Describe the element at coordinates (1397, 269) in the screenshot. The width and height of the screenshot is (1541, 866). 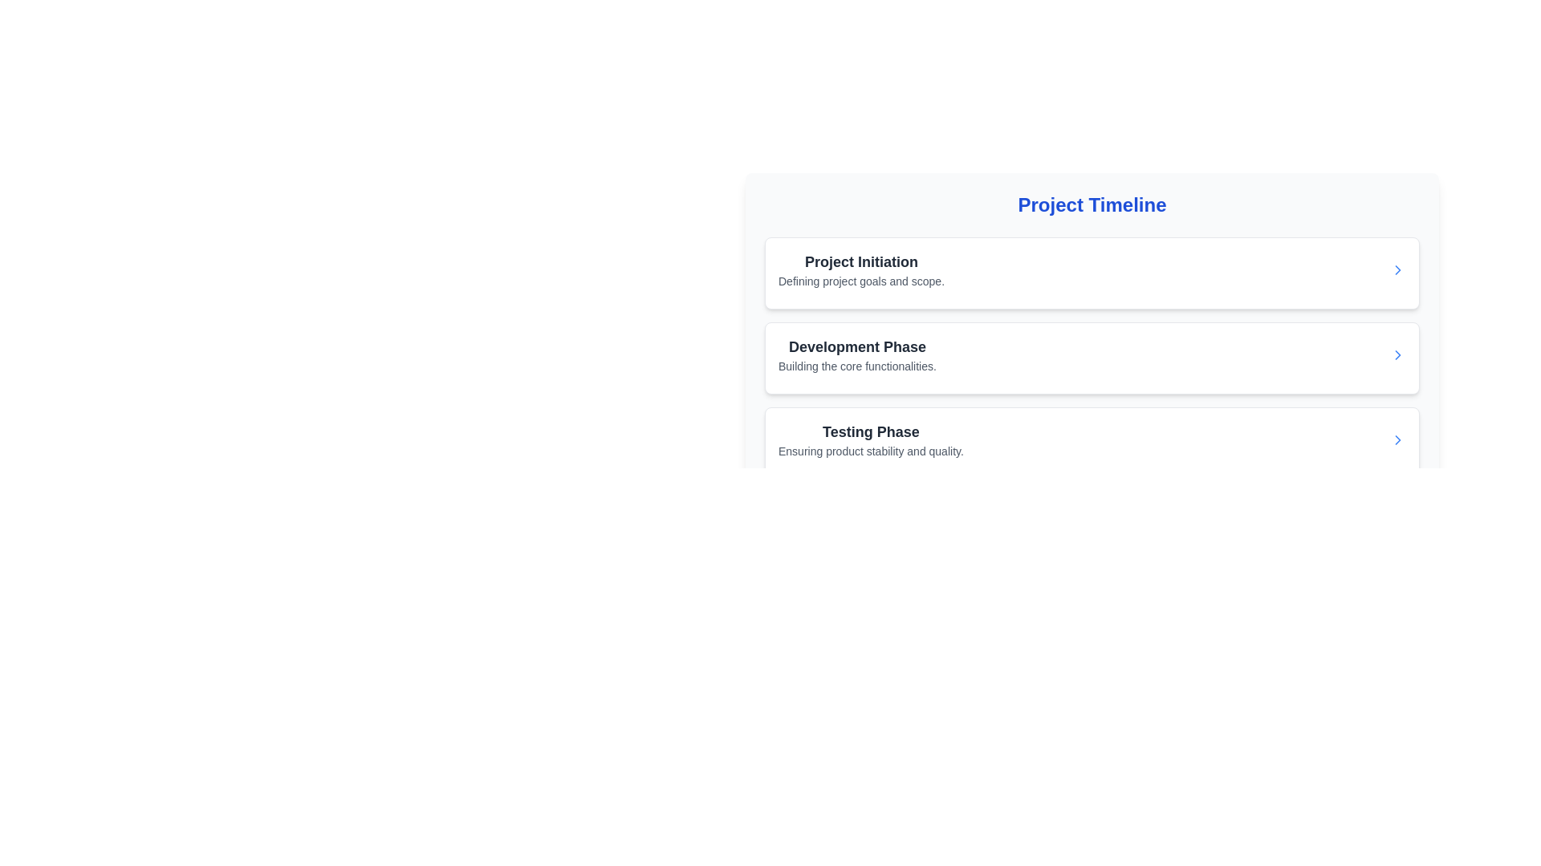
I see `the small blue rightward arrow icon located on the far right of the row labeled 'Project Initiation'` at that location.